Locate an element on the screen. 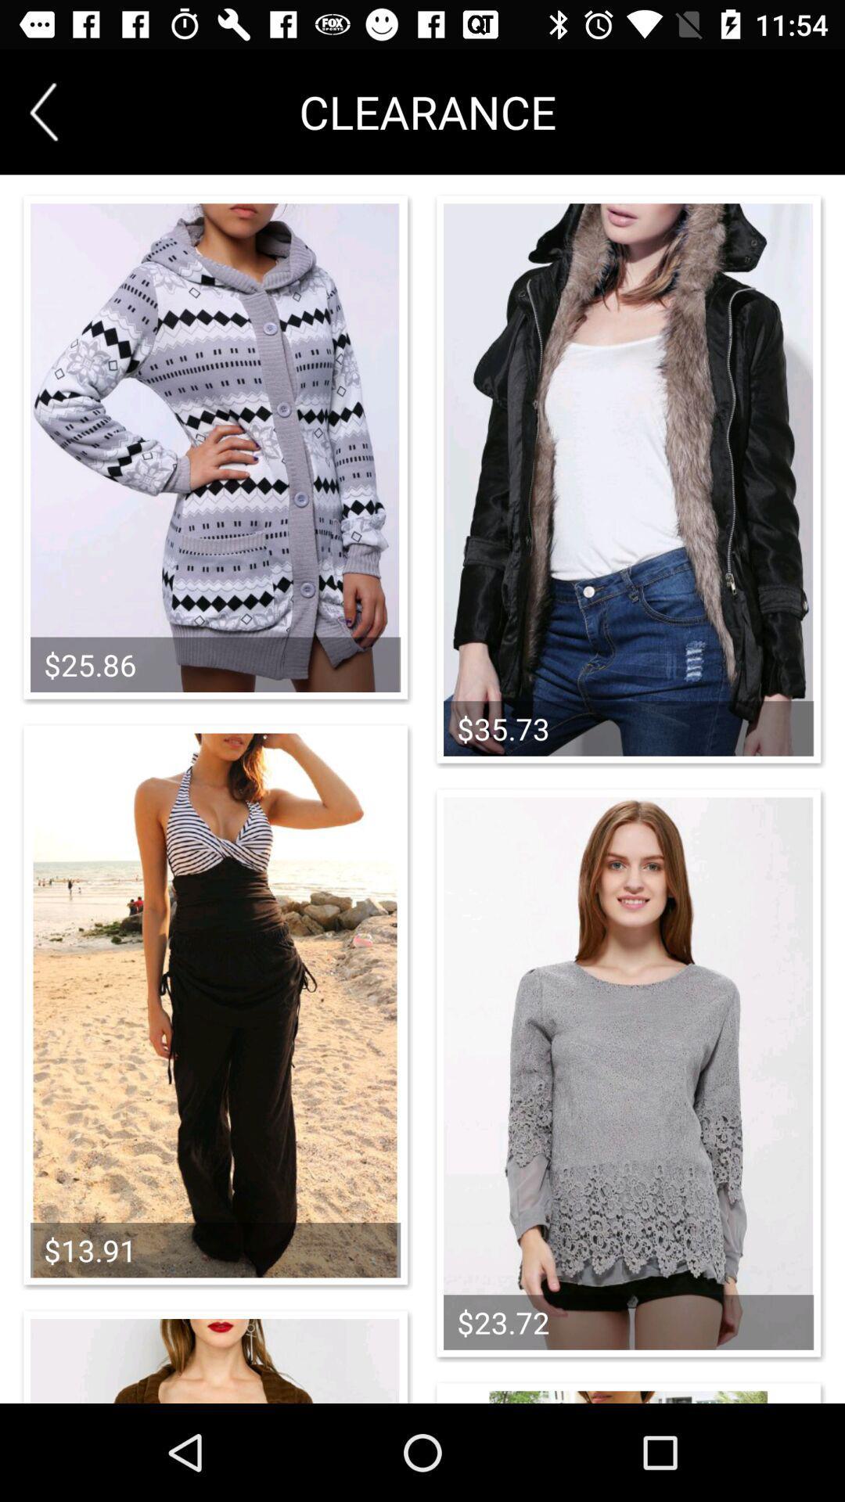 The width and height of the screenshot is (845, 1502). previous is located at coordinates (43, 111).